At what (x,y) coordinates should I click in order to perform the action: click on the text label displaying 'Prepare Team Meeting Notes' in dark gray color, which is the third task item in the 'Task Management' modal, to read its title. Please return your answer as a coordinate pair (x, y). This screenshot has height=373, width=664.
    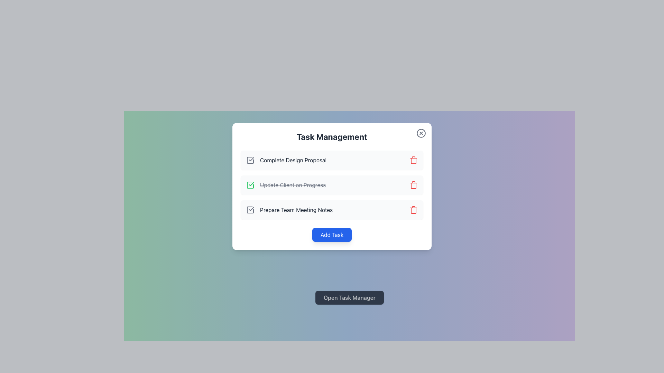
    Looking at the image, I should click on (289, 210).